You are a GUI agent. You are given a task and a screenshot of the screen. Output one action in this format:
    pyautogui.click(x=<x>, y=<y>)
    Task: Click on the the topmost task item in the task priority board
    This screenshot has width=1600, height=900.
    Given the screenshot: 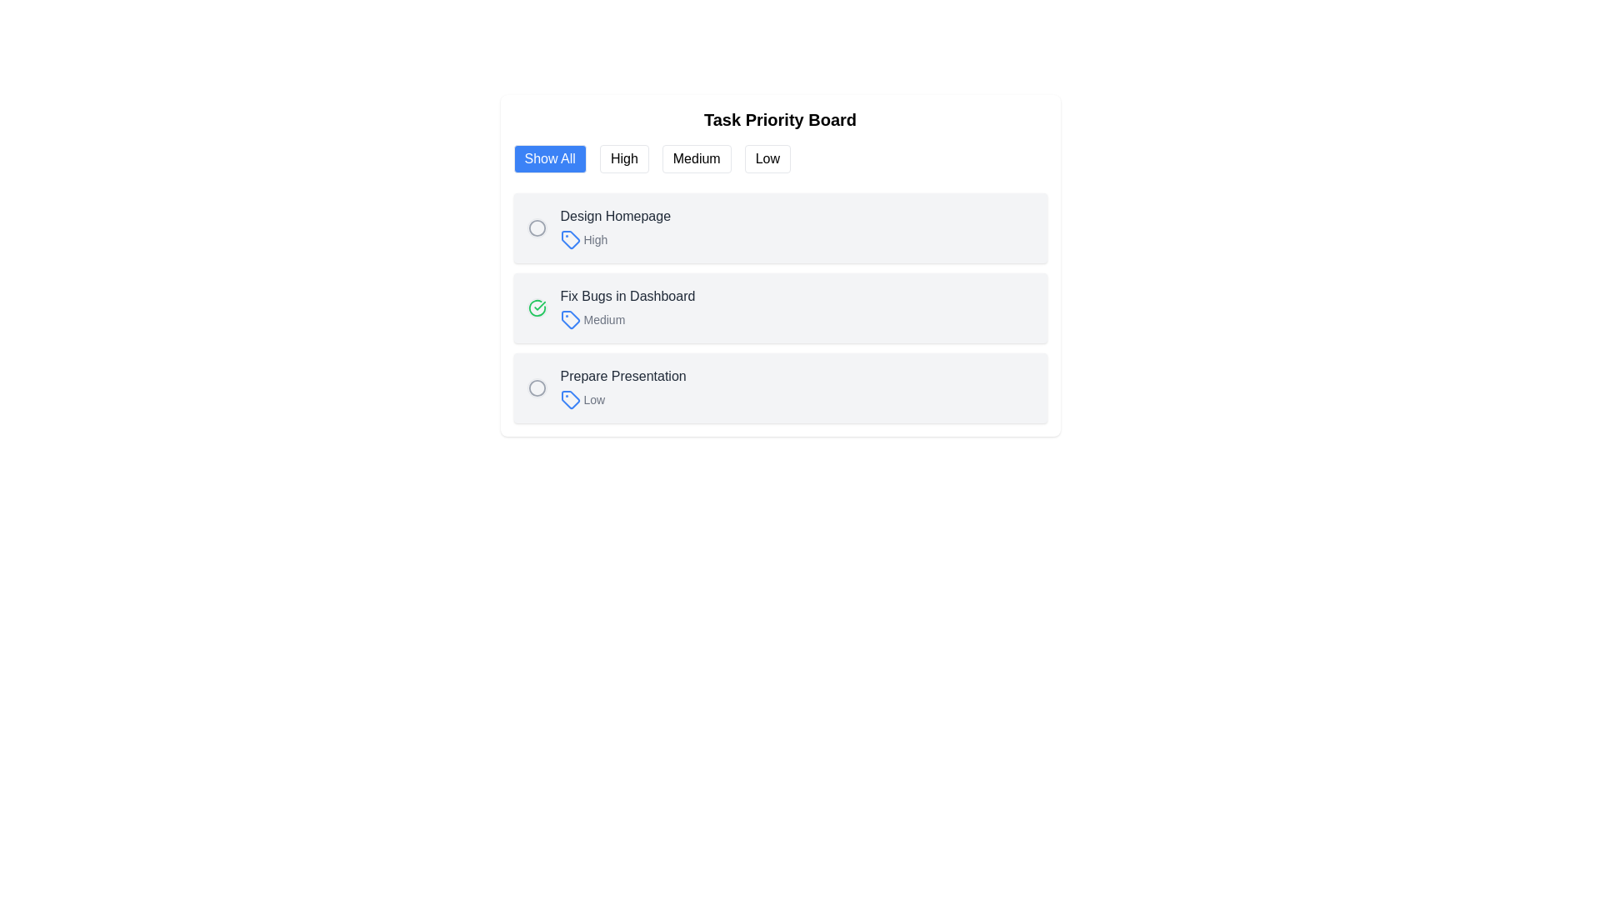 What is the action you would take?
    pyautogui.click(x=598, y=227)
    